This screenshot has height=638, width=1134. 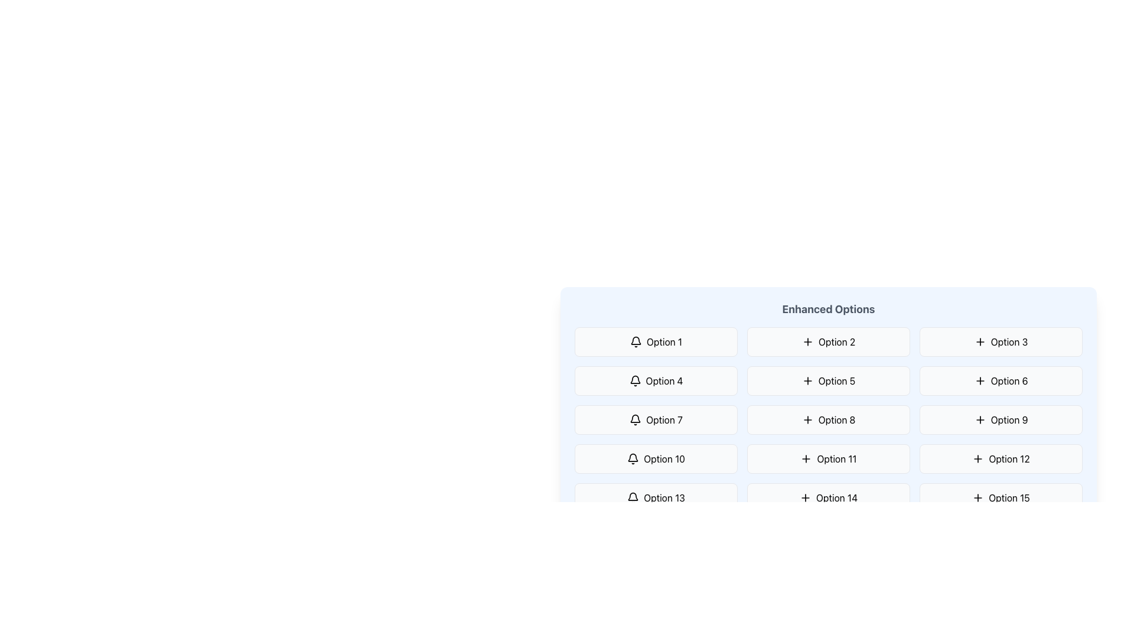 What do you see at coordinates (980, 380) in the screenshot?
I see `the small square-shaped plus icon located to the left of the text 'Option 6'` at bounding box center [980, 380].